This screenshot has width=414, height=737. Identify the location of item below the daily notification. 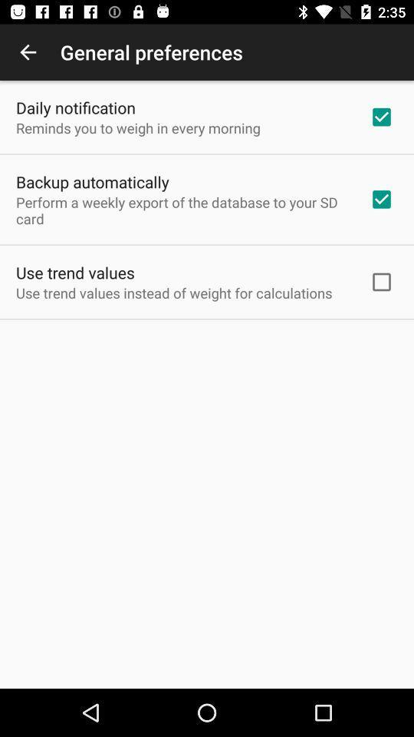
(138, 127).